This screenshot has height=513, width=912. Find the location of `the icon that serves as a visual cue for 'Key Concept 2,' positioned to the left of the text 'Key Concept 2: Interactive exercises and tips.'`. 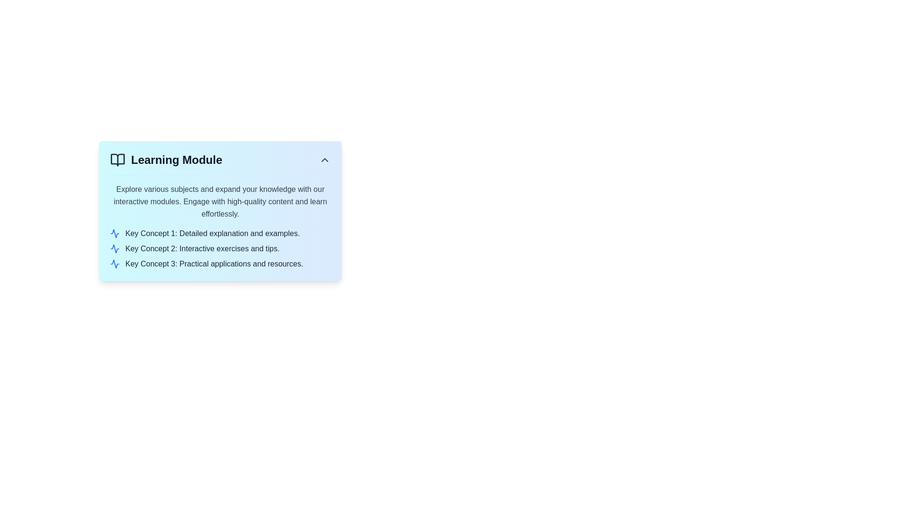

the icon that serves as a visual cue for 'Key Concept 2,' positioned to the left of the text 'Key Concept 2: Interactive exercises and tips.' is located at coordinates (114, 248).